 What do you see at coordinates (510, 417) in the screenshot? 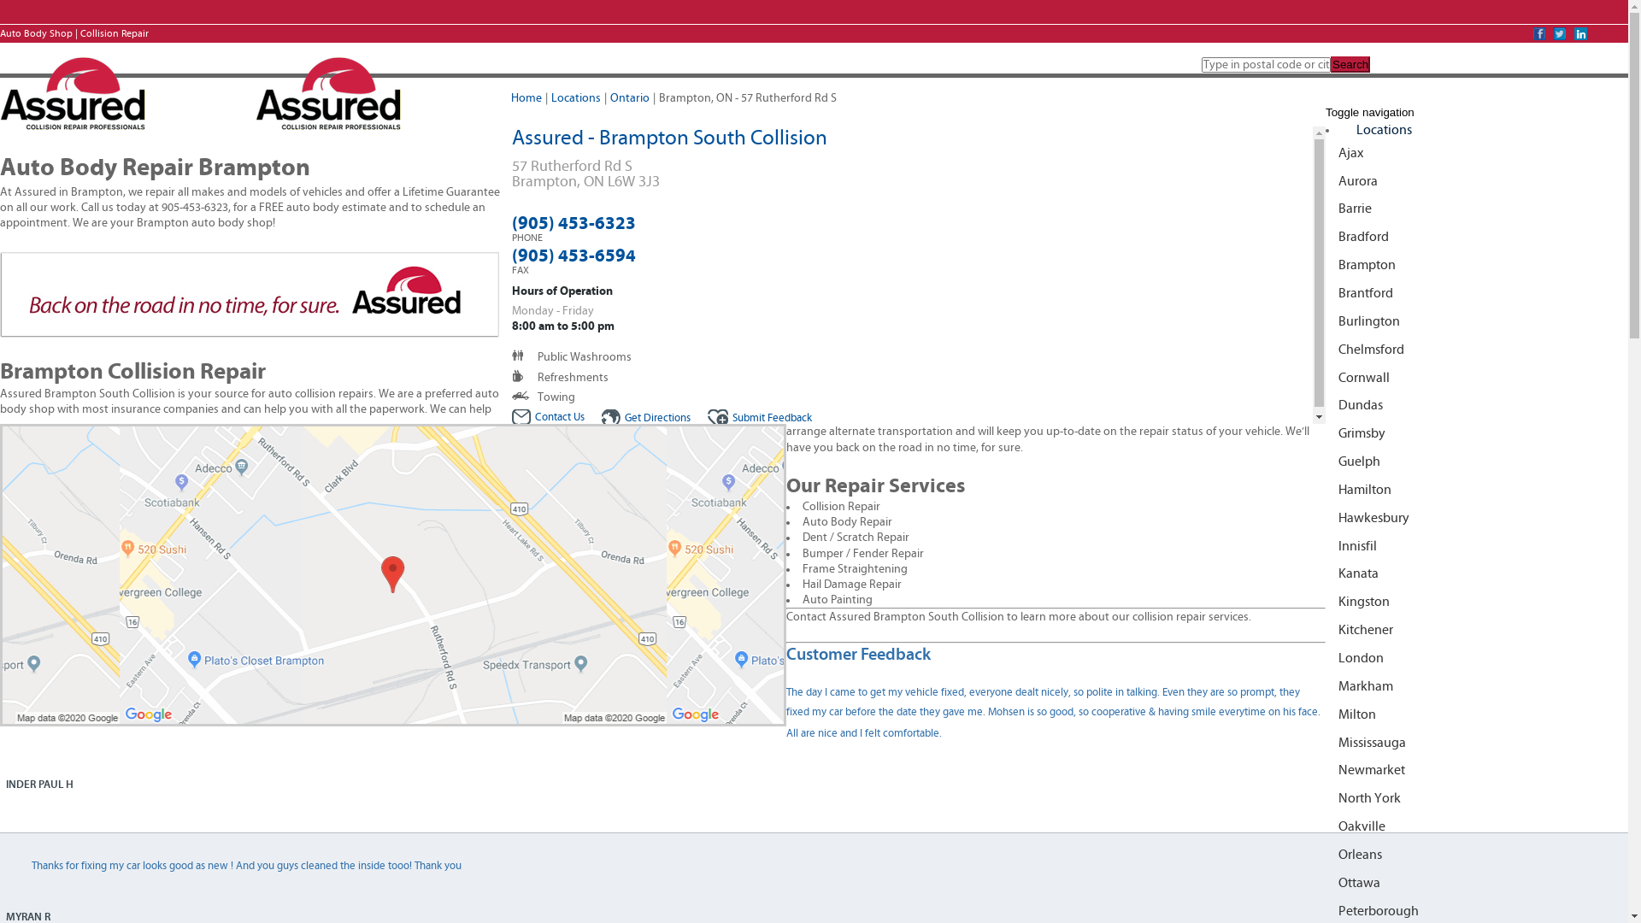
I see `'Contact Us'` at bounding box center [510, 417].